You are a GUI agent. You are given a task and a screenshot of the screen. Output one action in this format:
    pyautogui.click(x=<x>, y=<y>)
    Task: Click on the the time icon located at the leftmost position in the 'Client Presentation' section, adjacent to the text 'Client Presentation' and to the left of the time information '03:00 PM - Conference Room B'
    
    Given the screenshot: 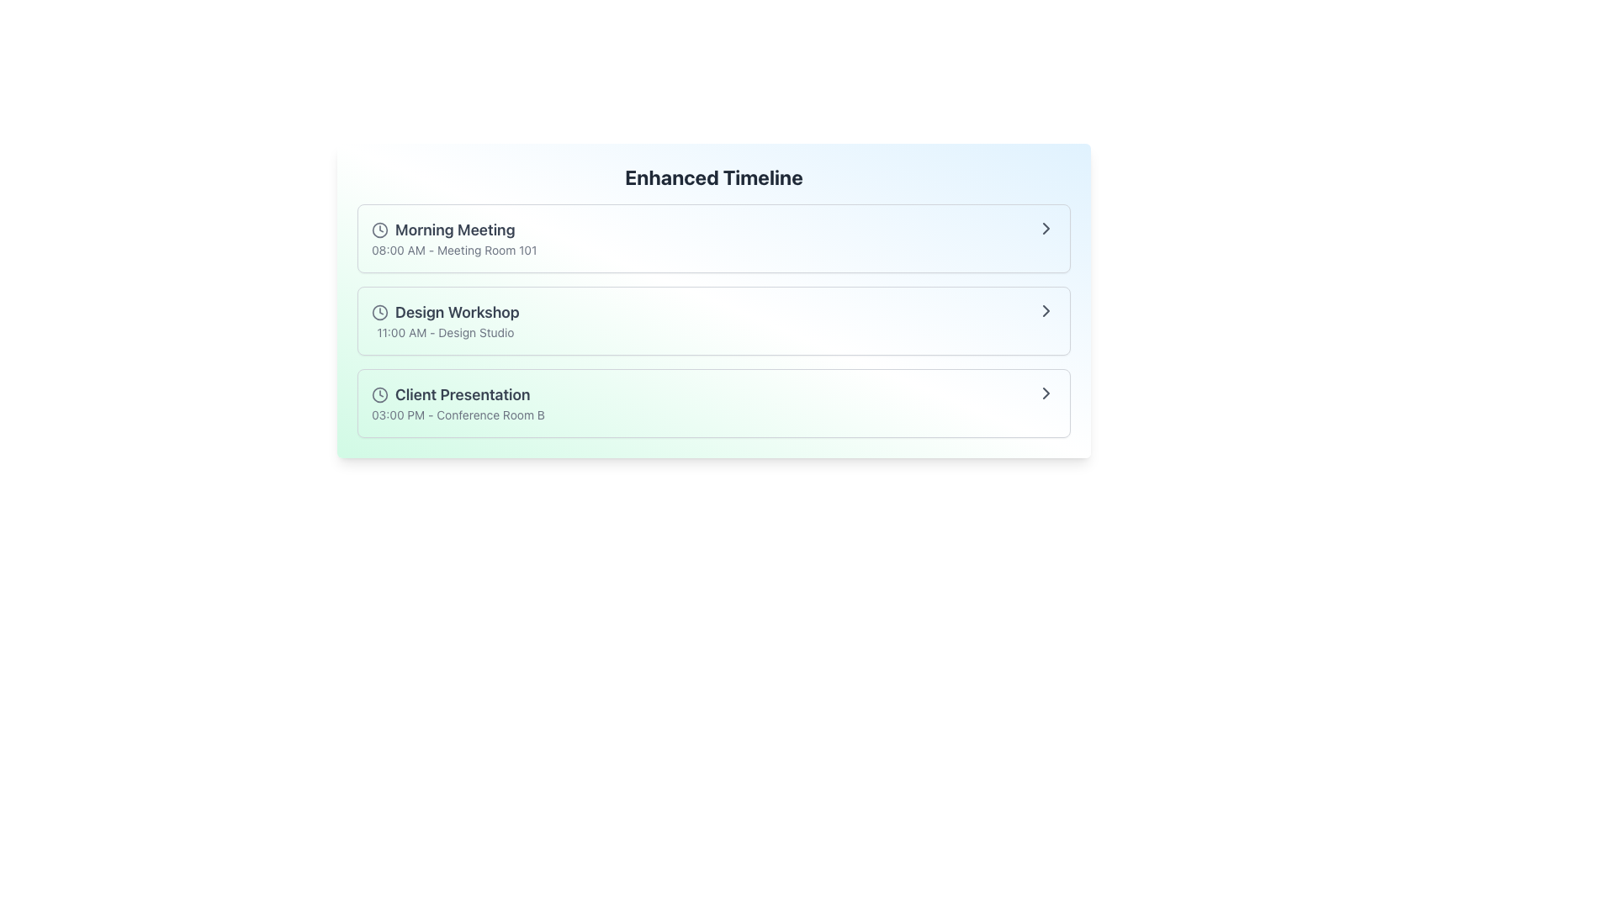 What is the action you would take?
    pyautogui.click(x=379, y=395)
    